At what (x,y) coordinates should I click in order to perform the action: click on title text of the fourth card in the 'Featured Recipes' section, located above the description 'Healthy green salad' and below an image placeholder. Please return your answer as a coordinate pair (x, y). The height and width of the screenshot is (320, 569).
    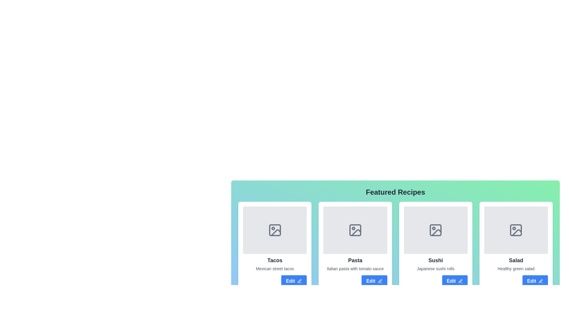
    Looking at the image, I should click on (516, 260).